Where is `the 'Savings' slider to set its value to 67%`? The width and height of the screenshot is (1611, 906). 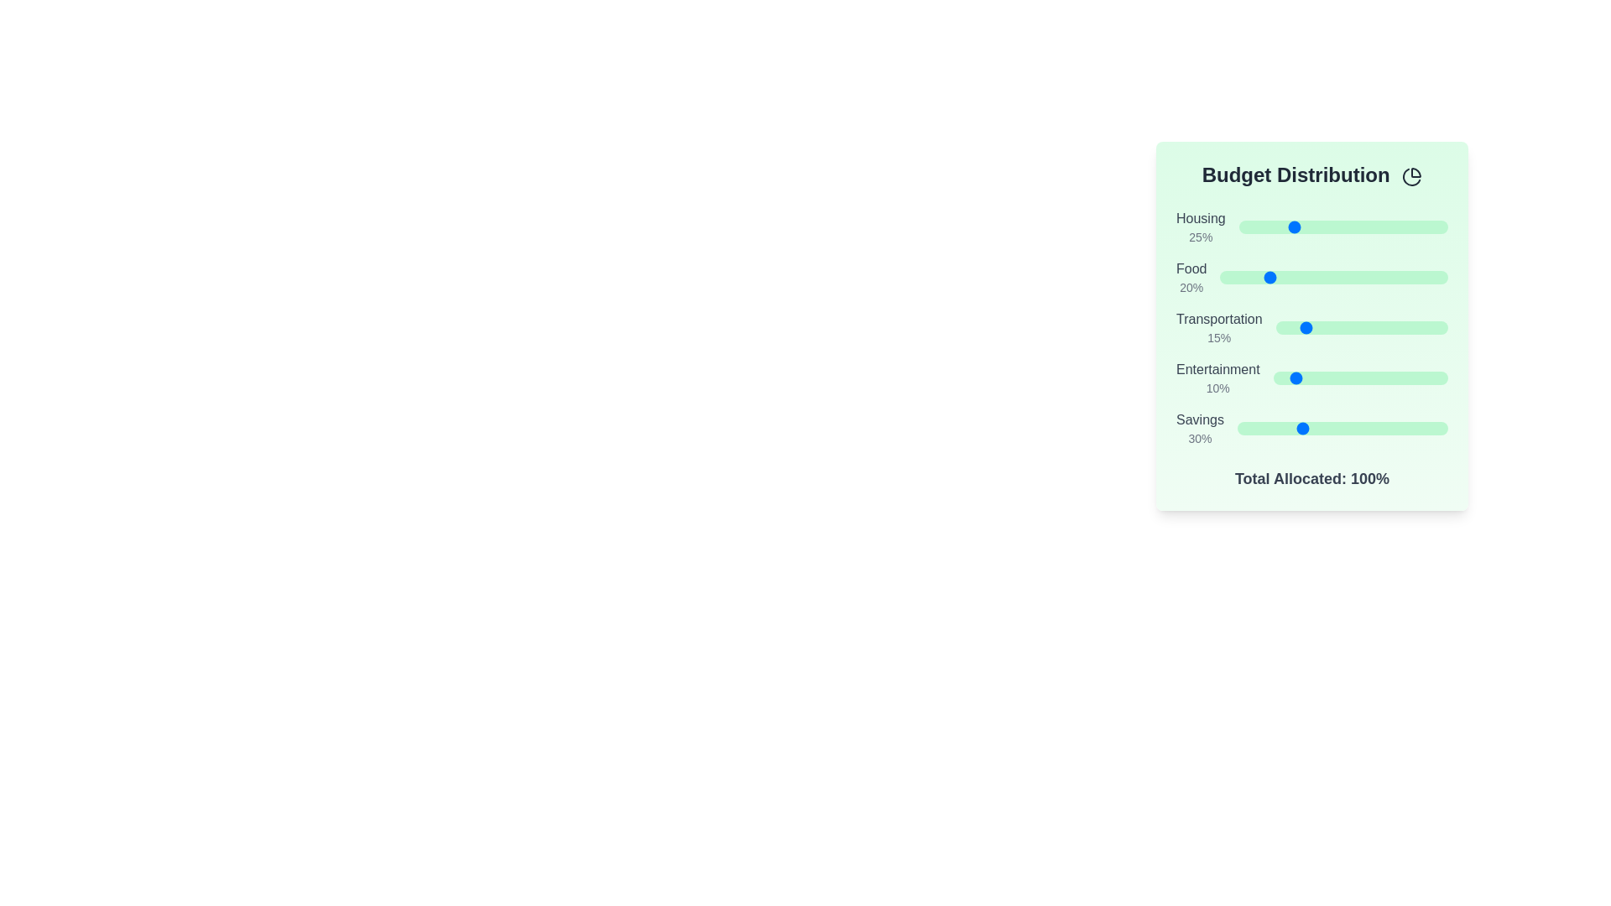
the 'Savings' slider to set its value to 67% is located at coordinates (1379, 427).